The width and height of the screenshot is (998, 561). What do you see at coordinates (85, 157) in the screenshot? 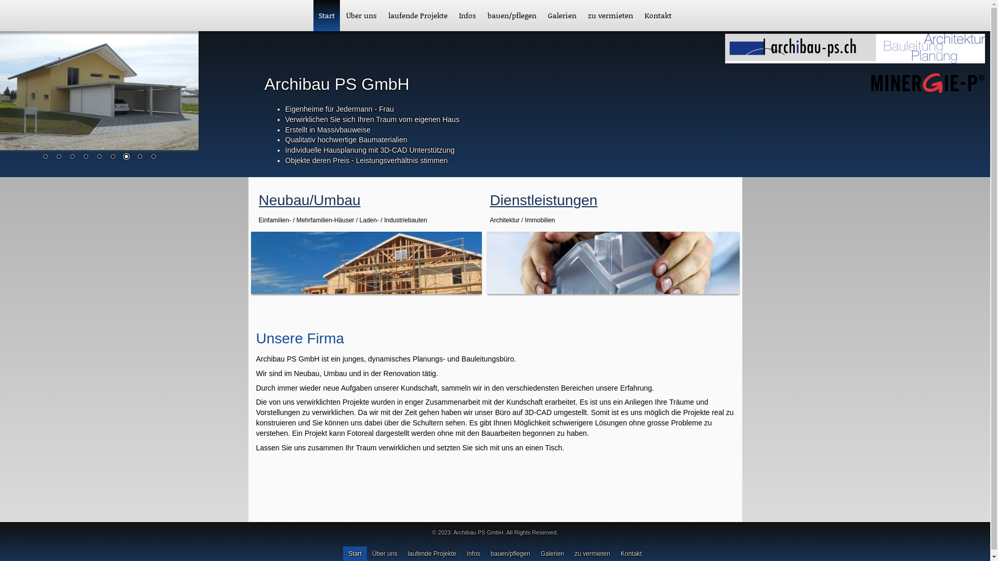
I see `'4'` at bounding box center [85, 157].